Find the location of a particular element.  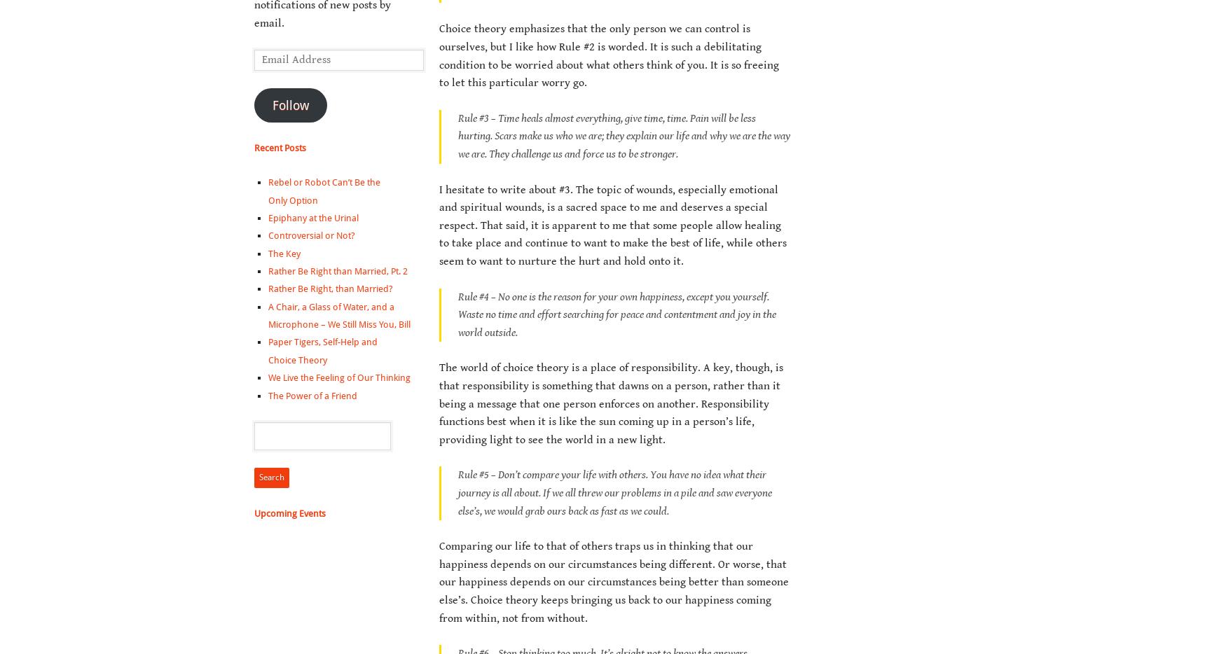

'Rule #4 – No one is the reason for your own happiness, except you yourself. Waste no time and effort searching for peace and contentment and joy in the world outside.' is located at coordinates (616, 314).